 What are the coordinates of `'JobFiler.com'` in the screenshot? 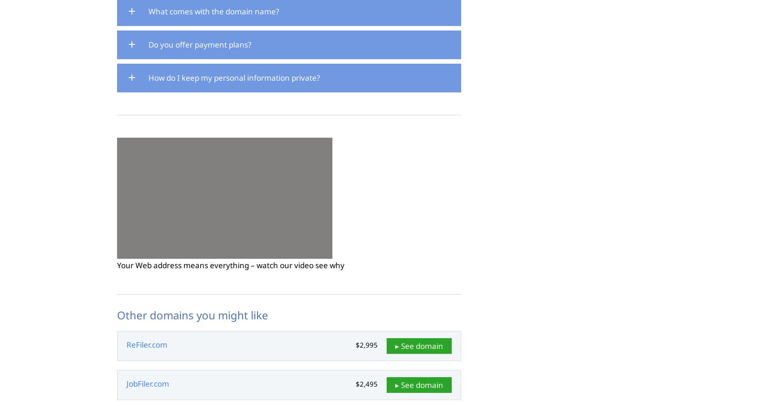 It's located at (147, 383).